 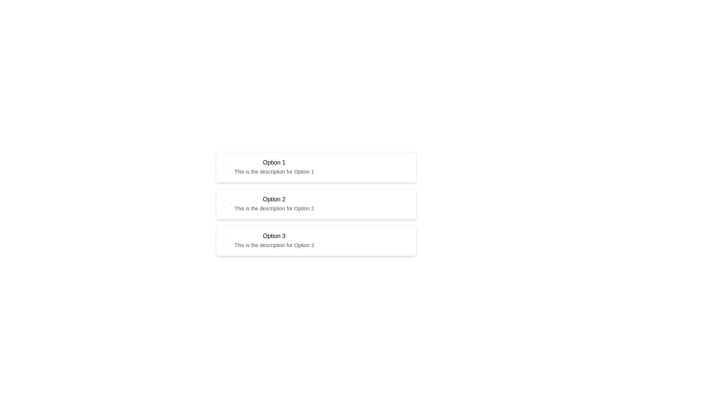 What do you see at coordinates (226, 240) in the screenshot?
I see `the radio button associated with 'Option 3'` at bounding box center [226, 240].